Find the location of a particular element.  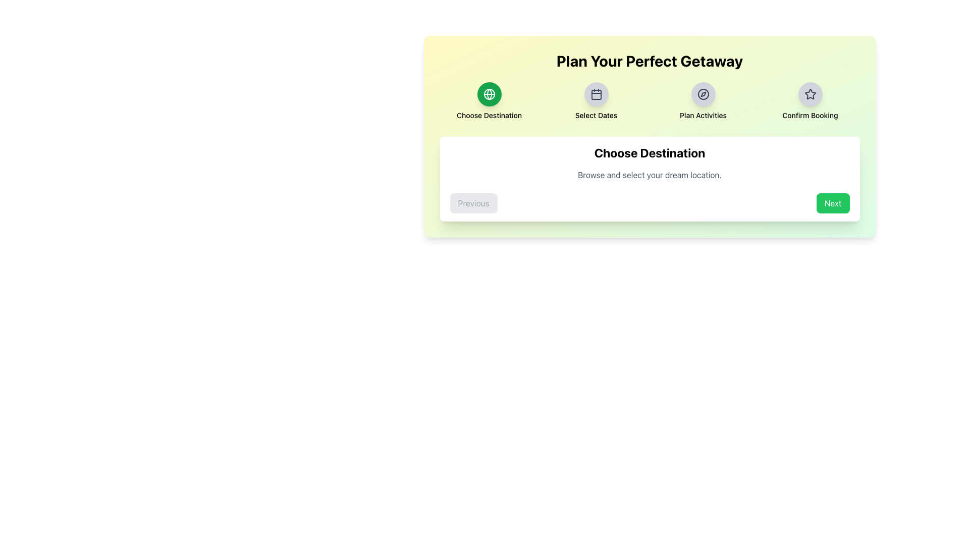

the 'Select Dates' button, which is the second section in the upper part of the interface, located between 'Choose Destination' and 'Plan Activities' is located at coordinates (596, 101).